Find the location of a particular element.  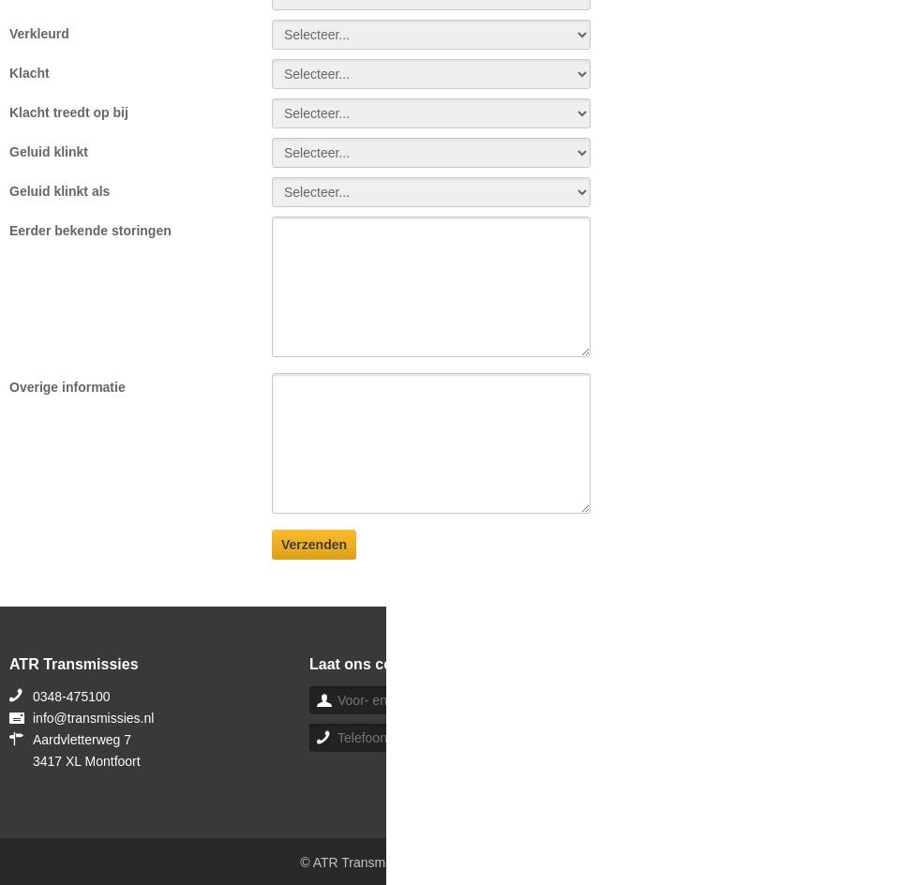

'Geluid klinkt' is located at coordinates (48, 151).